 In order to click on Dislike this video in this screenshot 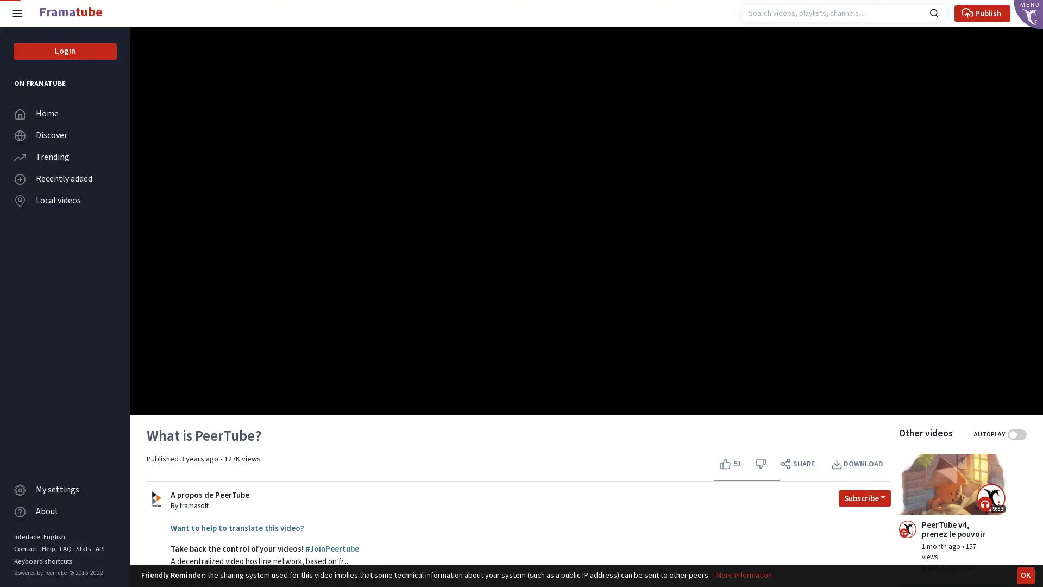, I will do `click(760, 464)`.